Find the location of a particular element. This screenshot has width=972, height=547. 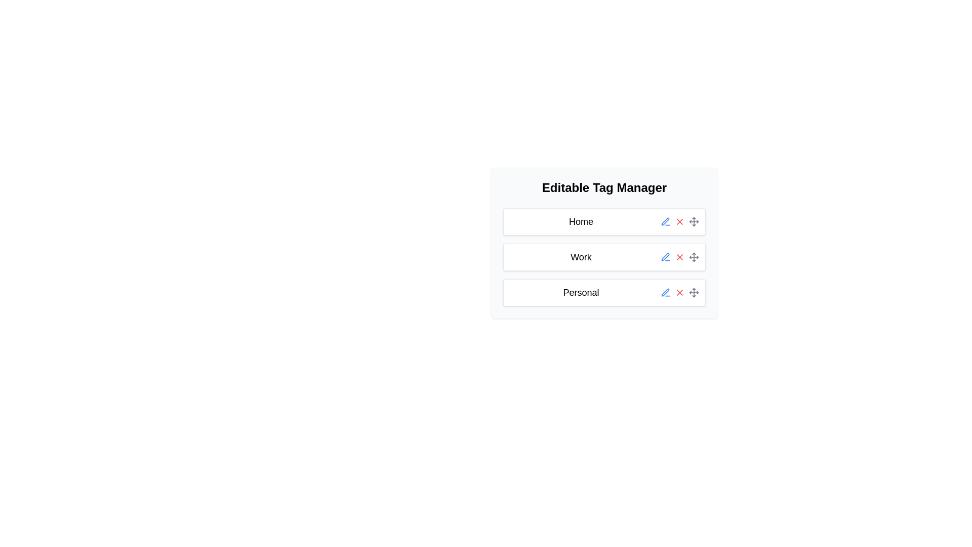

the delete button located to the right of the third row labeled 'Personal' is located at coordinates (680, 293).